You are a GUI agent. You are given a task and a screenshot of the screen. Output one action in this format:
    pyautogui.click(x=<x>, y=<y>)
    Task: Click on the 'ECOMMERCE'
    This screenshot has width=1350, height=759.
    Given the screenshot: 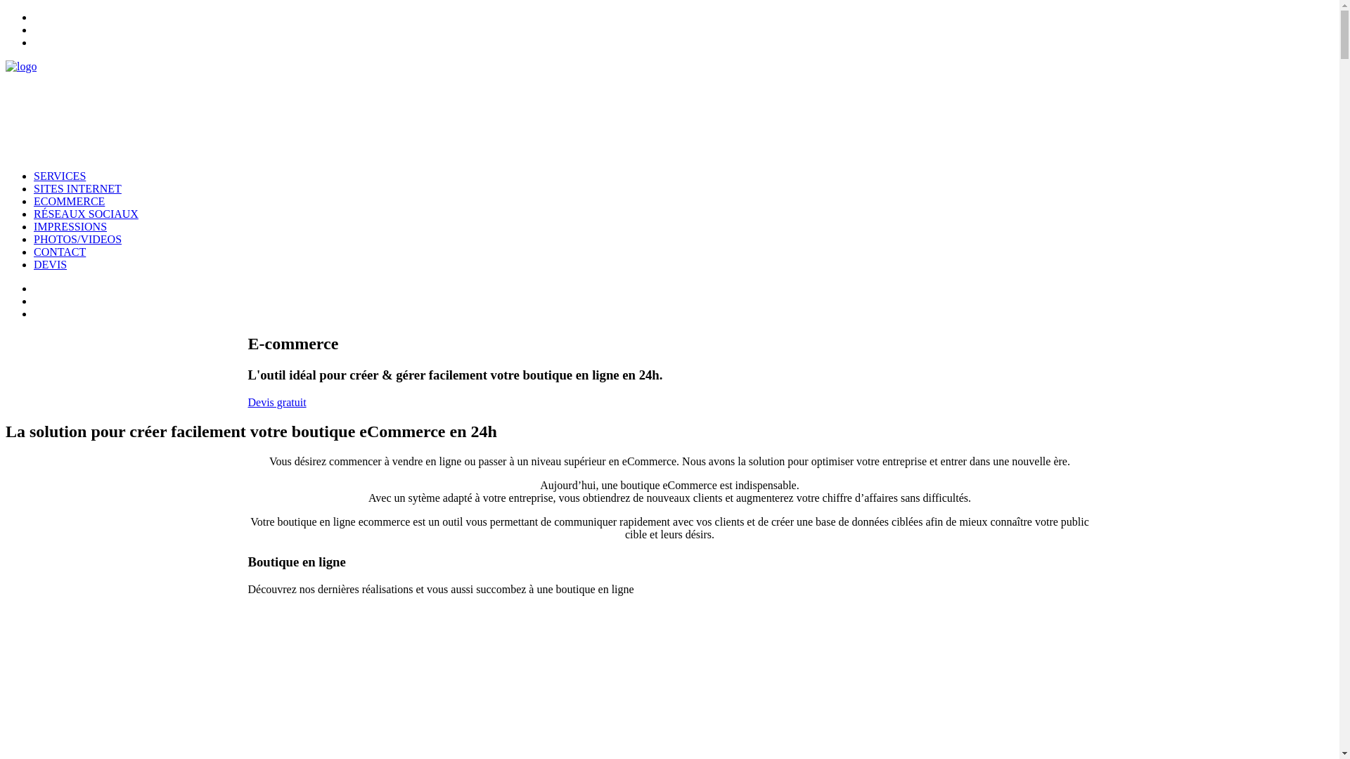 What is the action you would take?
    pyautogui.click(x=34, y=201)
    